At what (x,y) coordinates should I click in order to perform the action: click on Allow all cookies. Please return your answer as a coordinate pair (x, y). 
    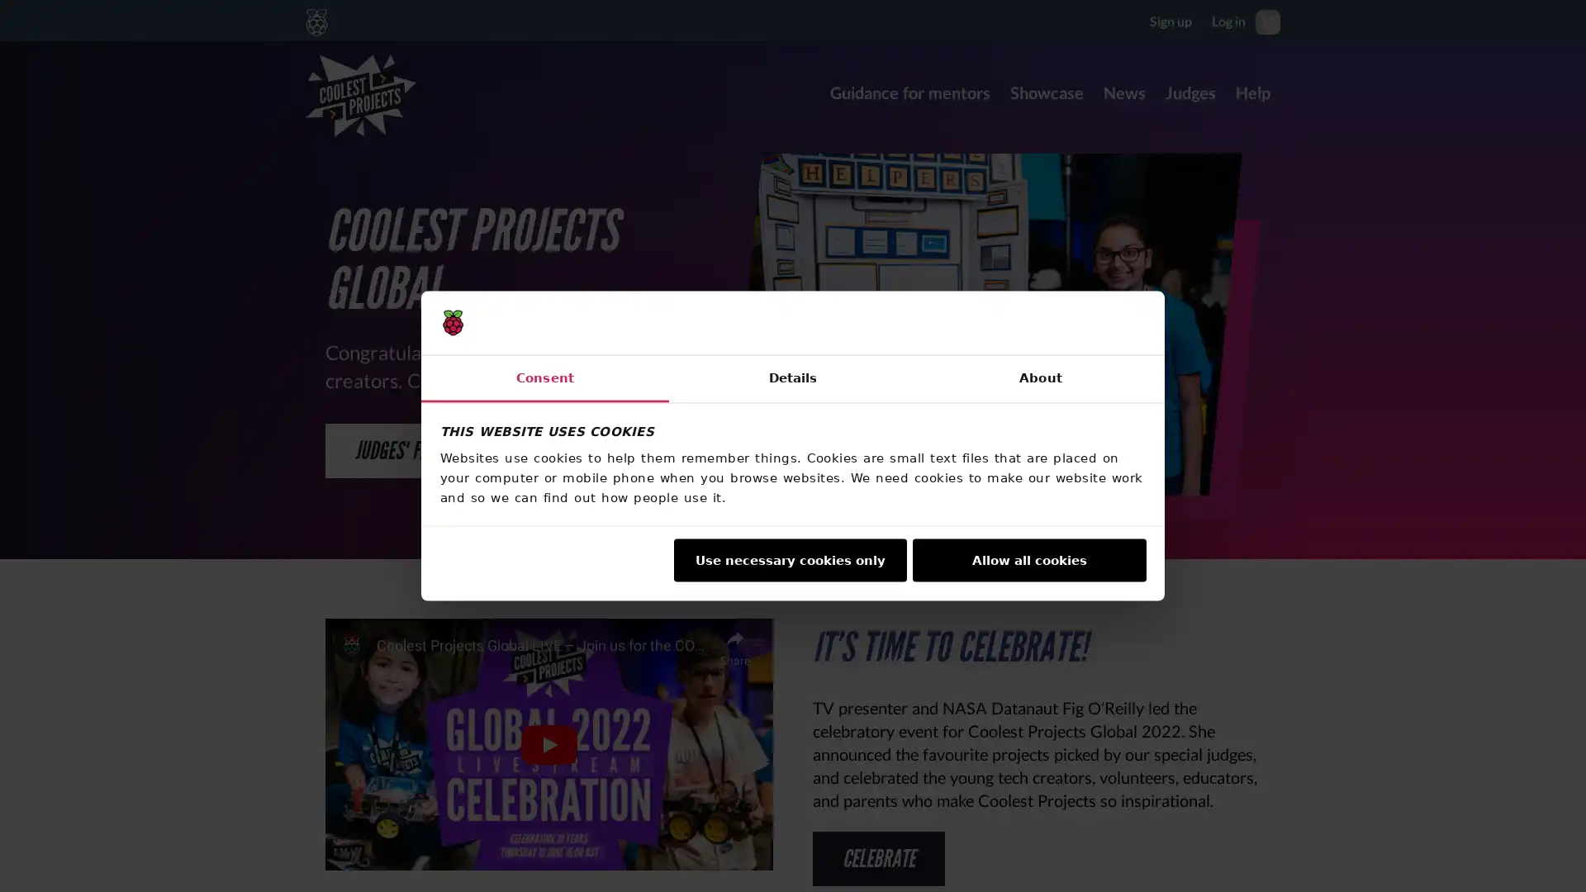
    Looking at the image, I should click on (1028, 559).